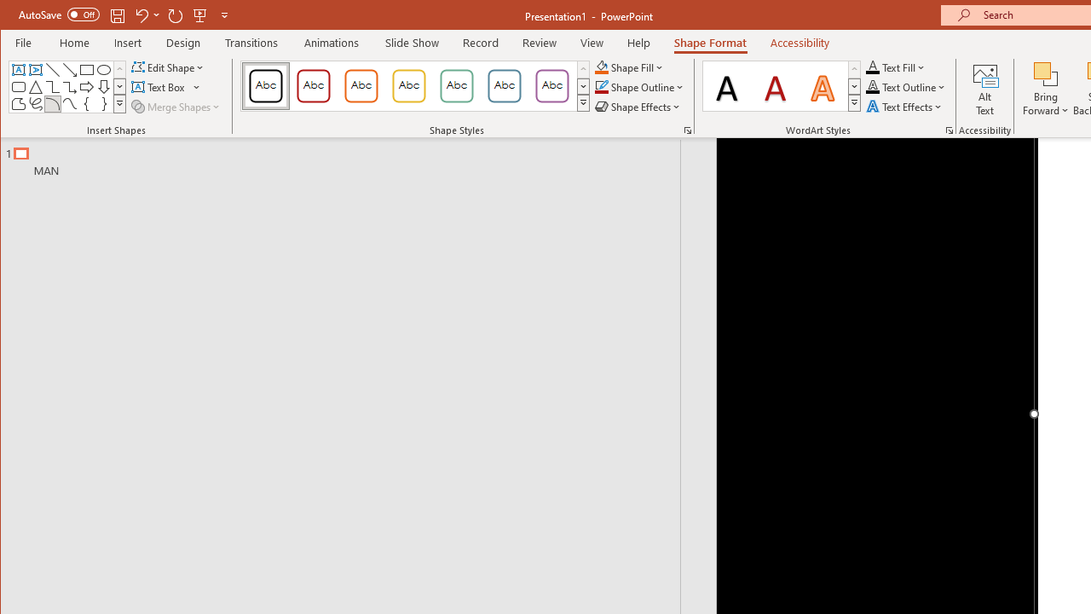 The width and height of the screenshot is (1091, 614). What do you see at coordinates (53, 104) in the screenshot?
I see `'Arc'` at bounding box center [53, 104].